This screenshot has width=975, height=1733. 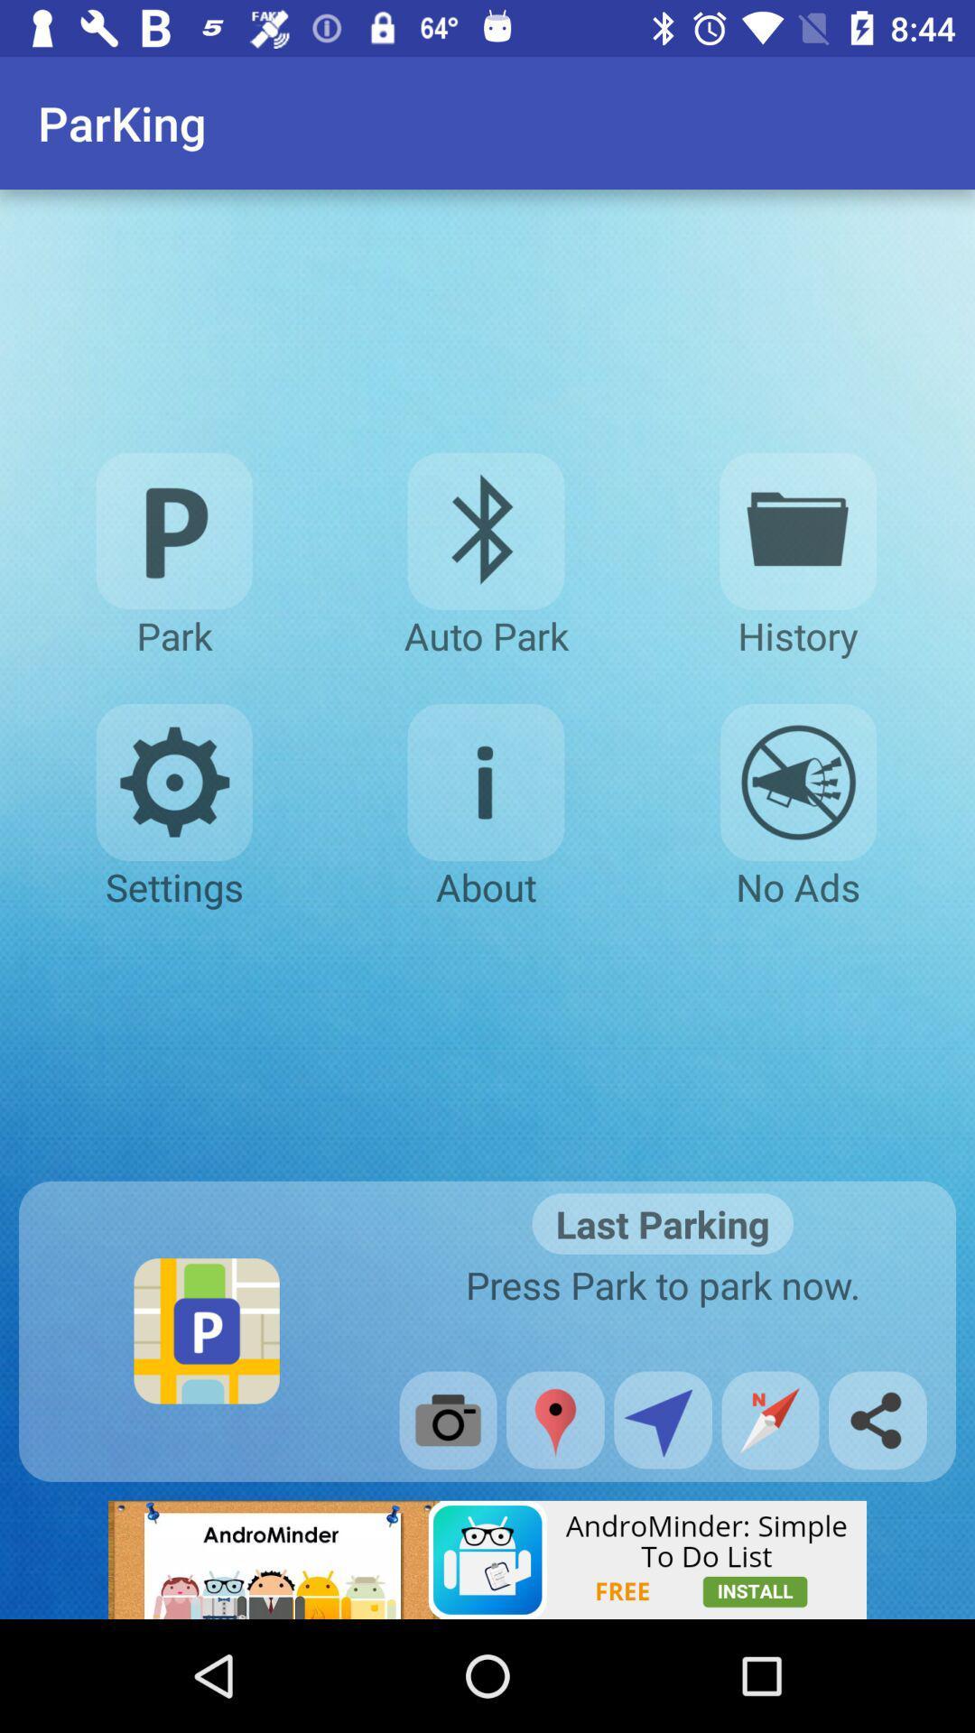 I want to click on click camera, so click(x=447, y=1419).